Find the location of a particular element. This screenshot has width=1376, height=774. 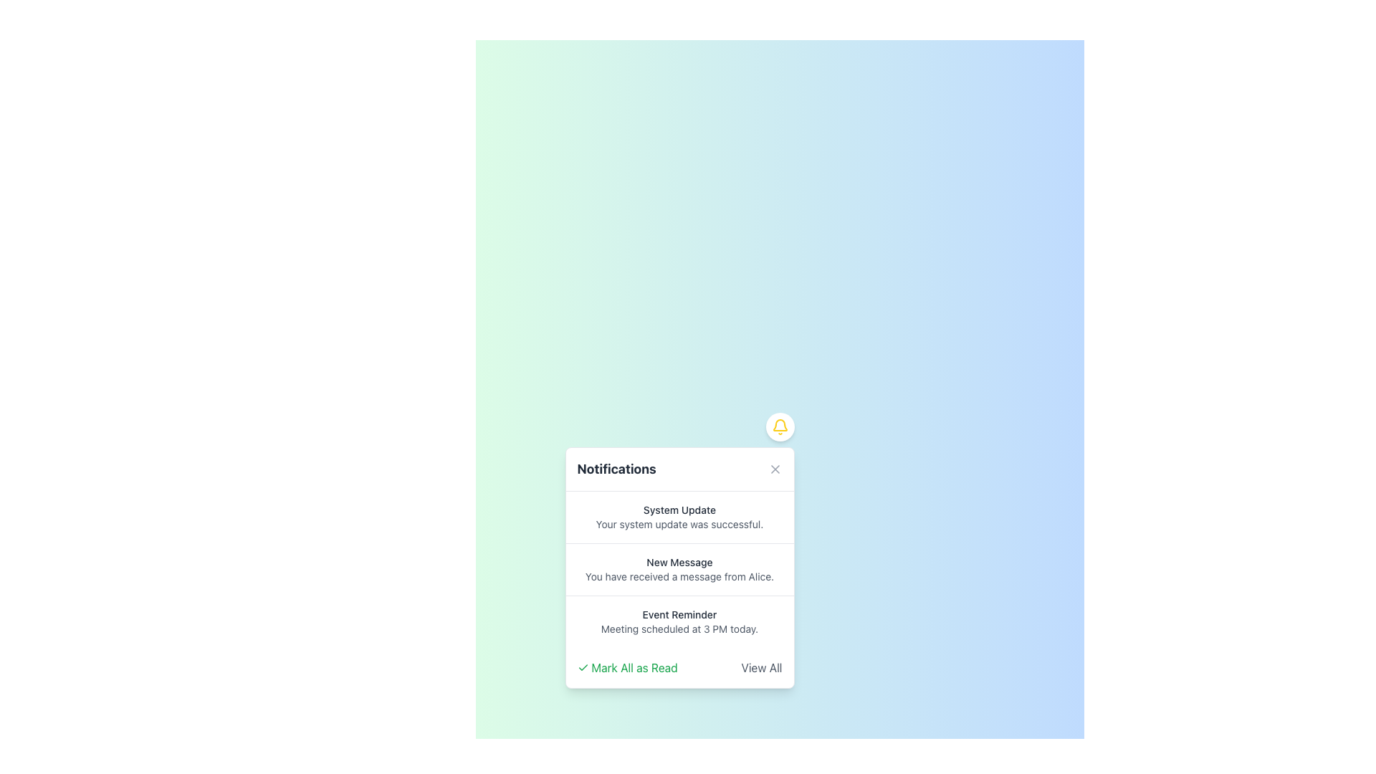

the notification icon button located in the upper-right section of the interface is located at coordinates (779, 426).